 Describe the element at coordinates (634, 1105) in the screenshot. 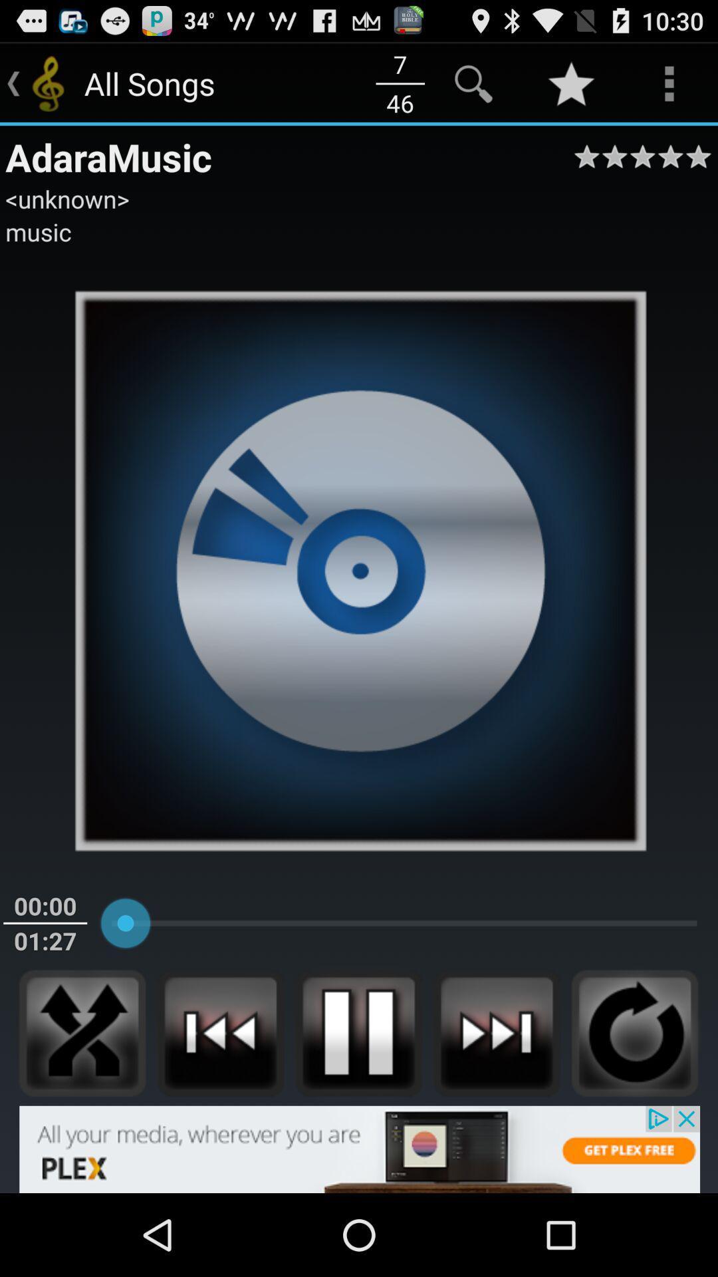

I see `the refresh icon` at that location.